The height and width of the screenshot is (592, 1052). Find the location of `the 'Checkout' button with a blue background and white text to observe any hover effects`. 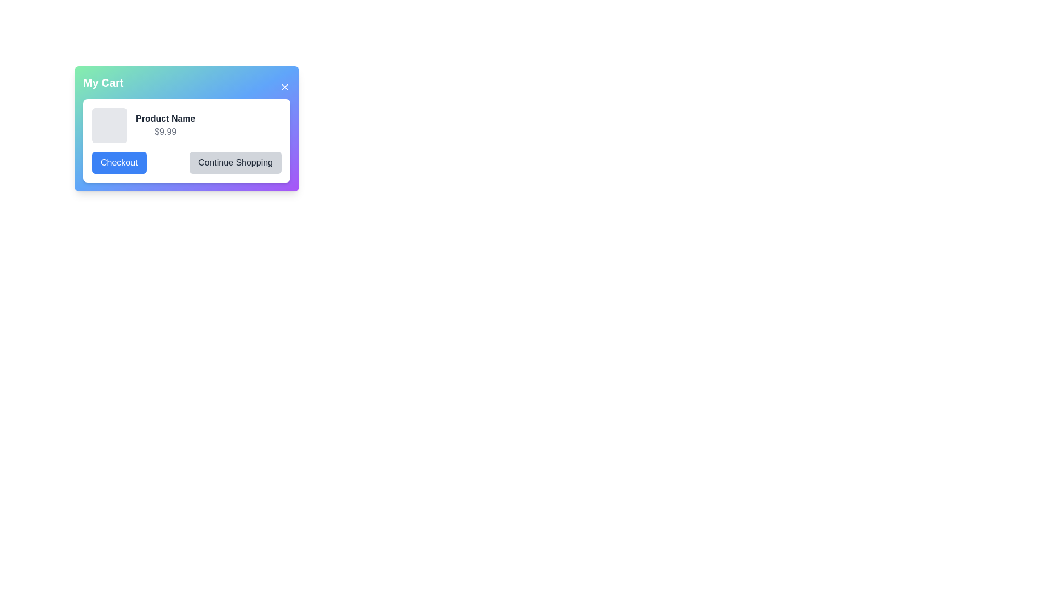

the 'Checkout' button with a blue background and white text to observe any hover effects is located at coordinates (119, 163).